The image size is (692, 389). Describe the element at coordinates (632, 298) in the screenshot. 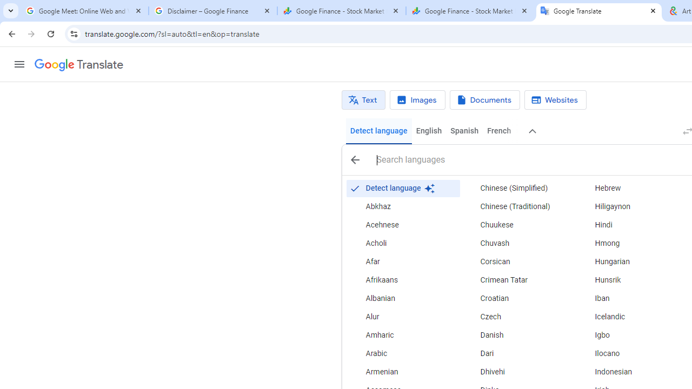

I see `'Iban'` at that location.